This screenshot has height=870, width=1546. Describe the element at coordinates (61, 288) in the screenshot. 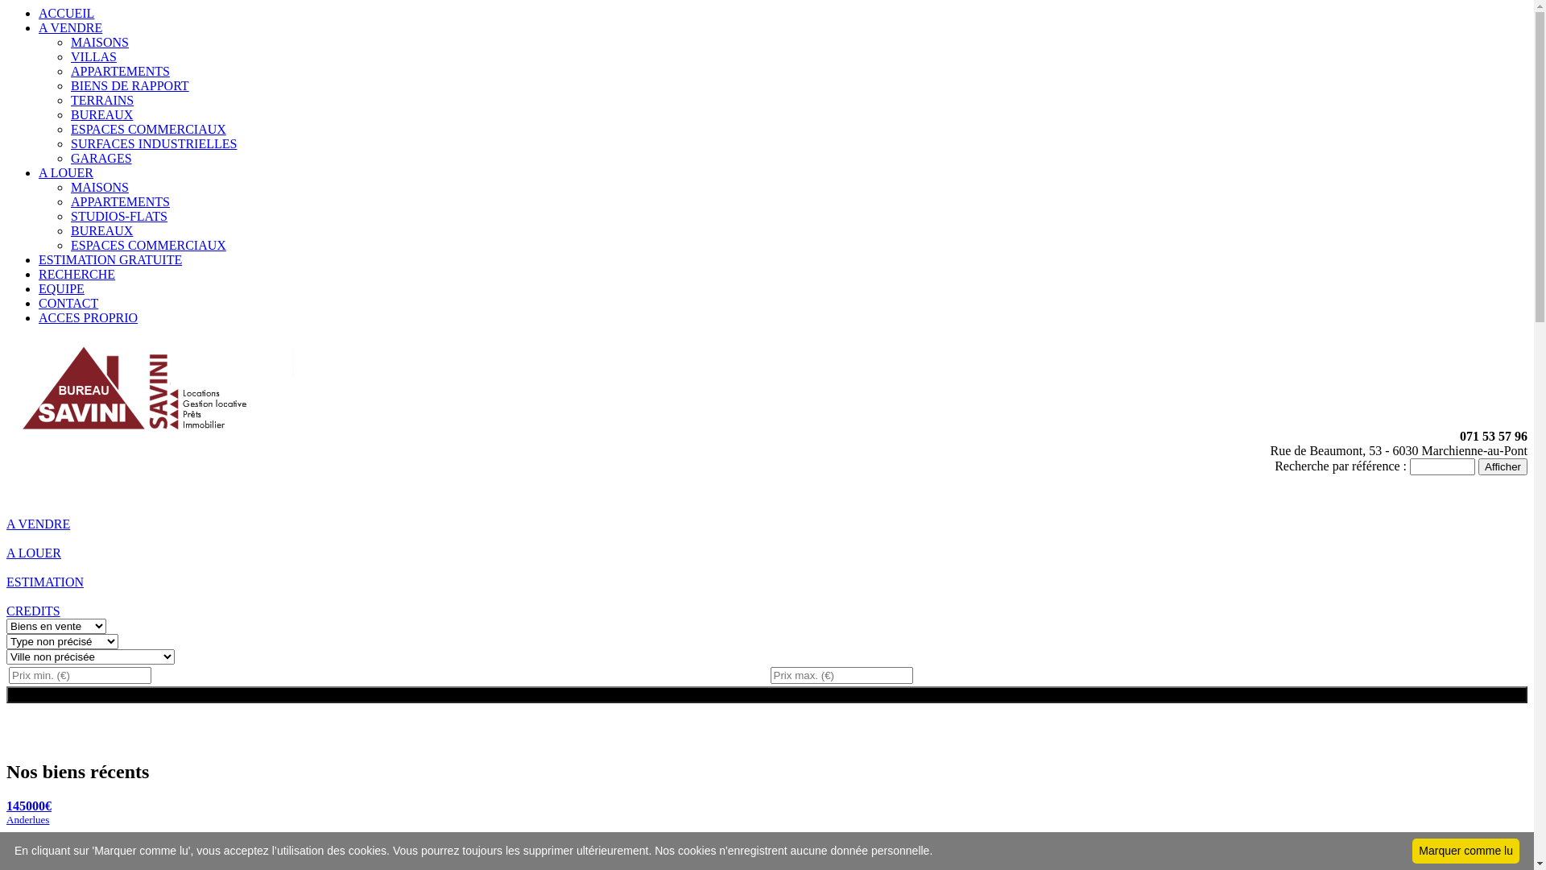

I see `'EQUIPE'` at that location.